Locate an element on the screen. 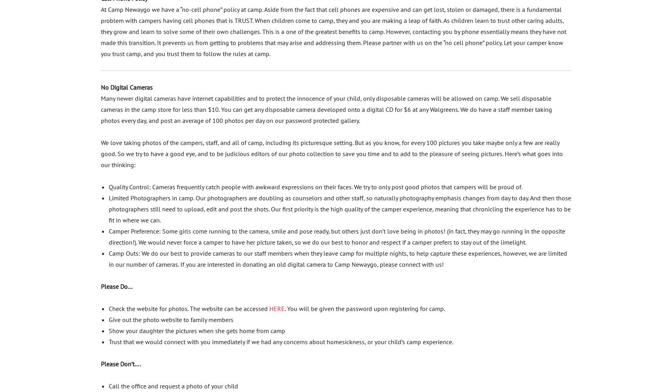 The image size is (672, 392). 'Please Don’t….' is located at coordinates (120, 363).